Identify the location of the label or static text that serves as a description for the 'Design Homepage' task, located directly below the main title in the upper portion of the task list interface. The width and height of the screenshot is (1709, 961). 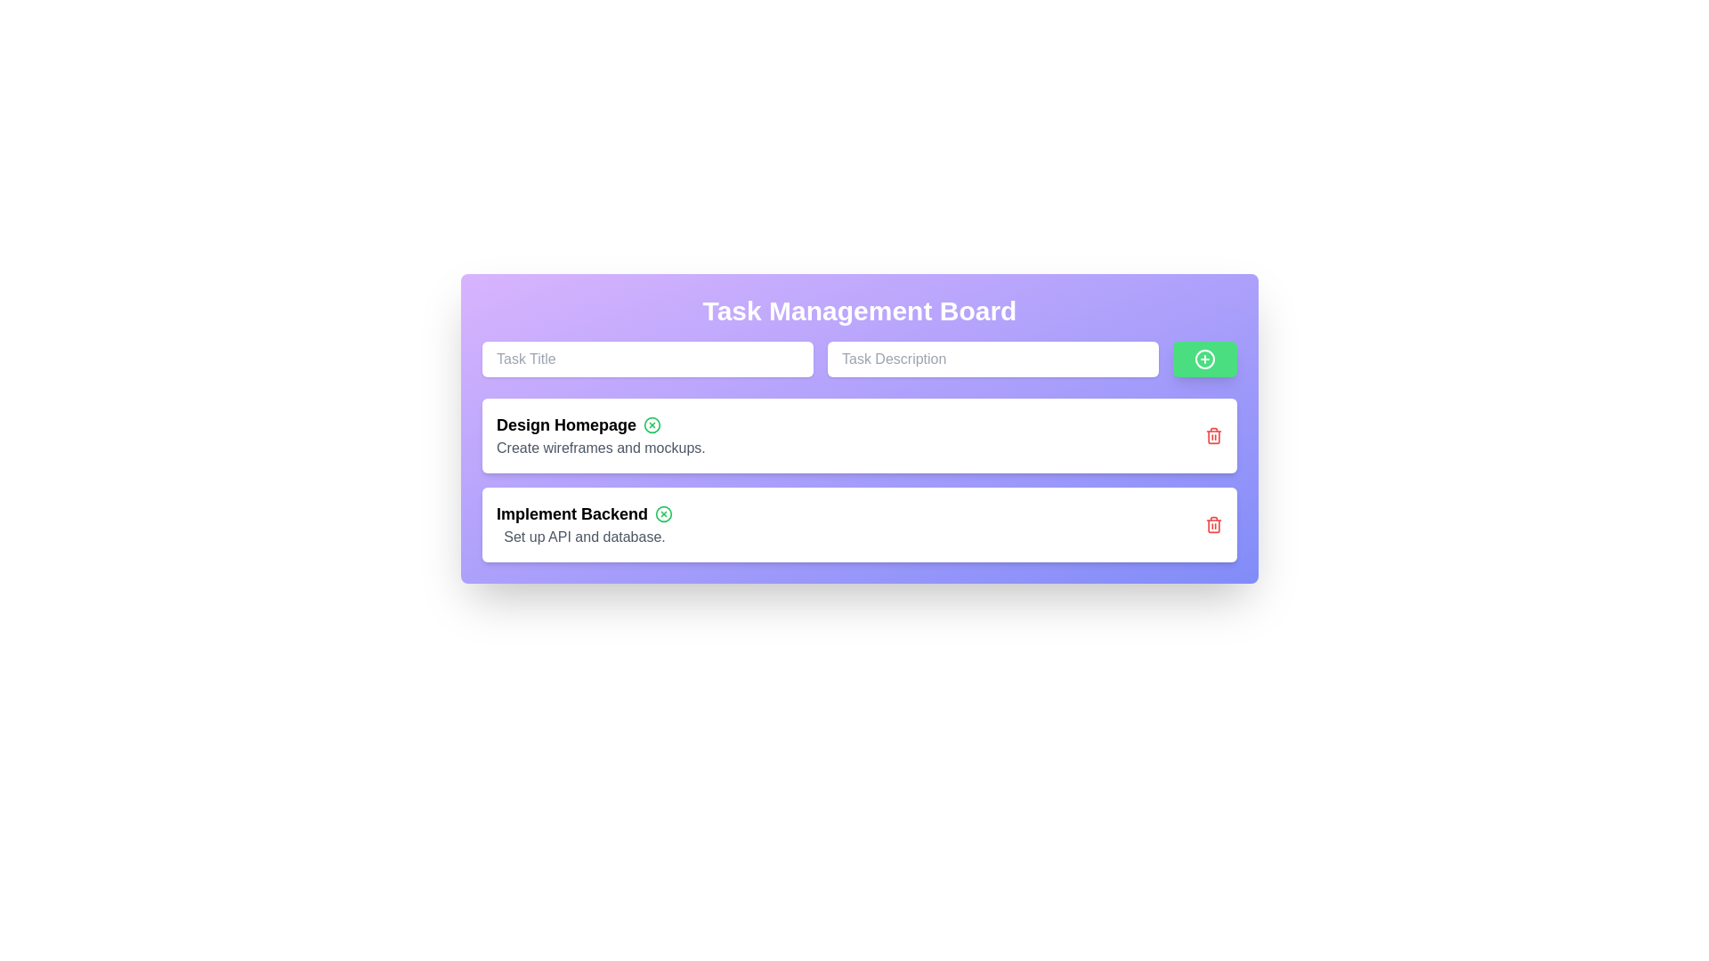
(601, 448).